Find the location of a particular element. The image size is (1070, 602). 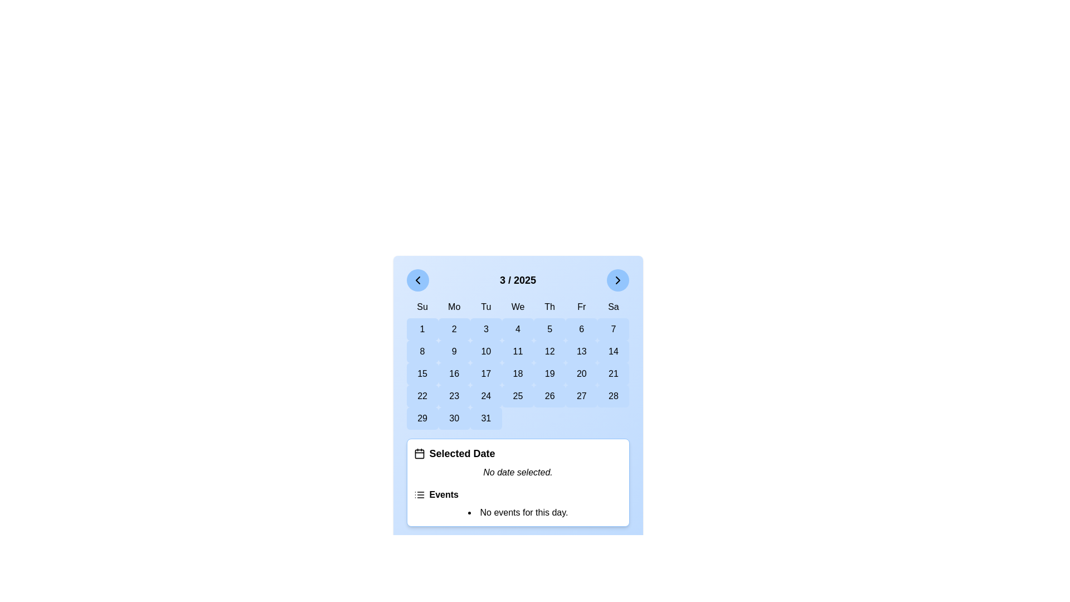

the button representing the date March 3rd in the calendar interface is located at coordinates (486, 328).